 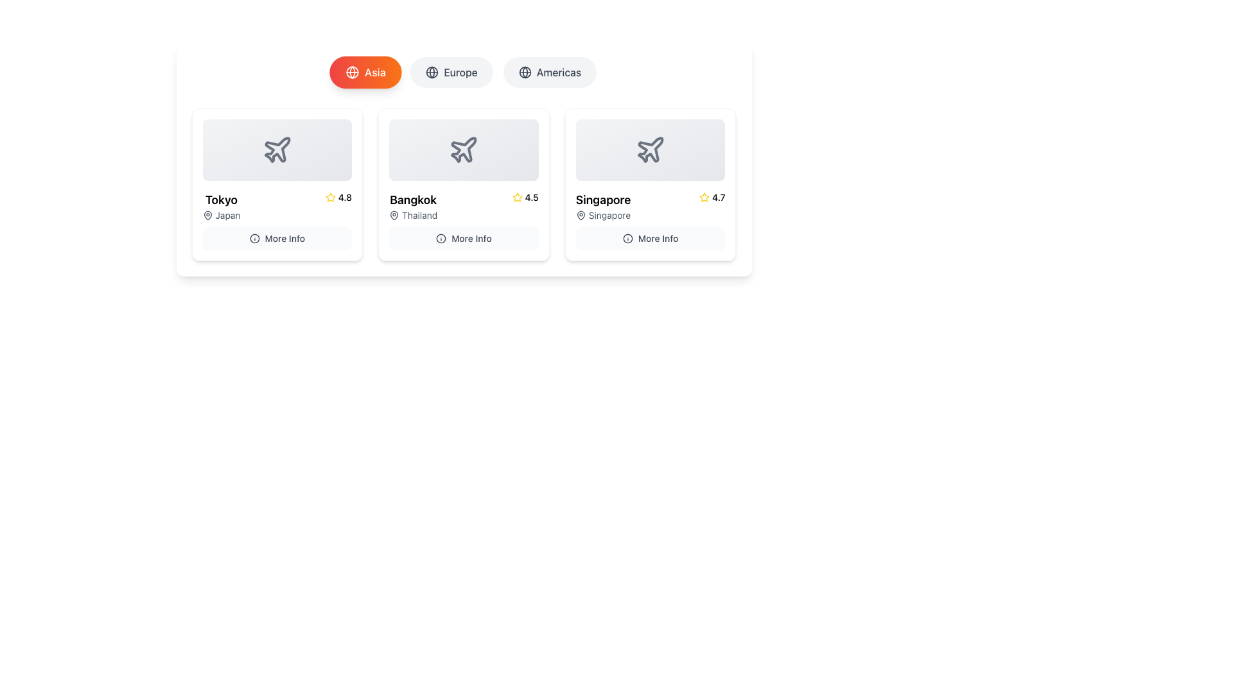 What do you see at coordinates (451, 72) in the screenshot?
I see `the 'Europe' button, which is a rectangular button with rounded corners, labeled in gray text and featuring a globe icon on the left` at bounding box center [451, 72].